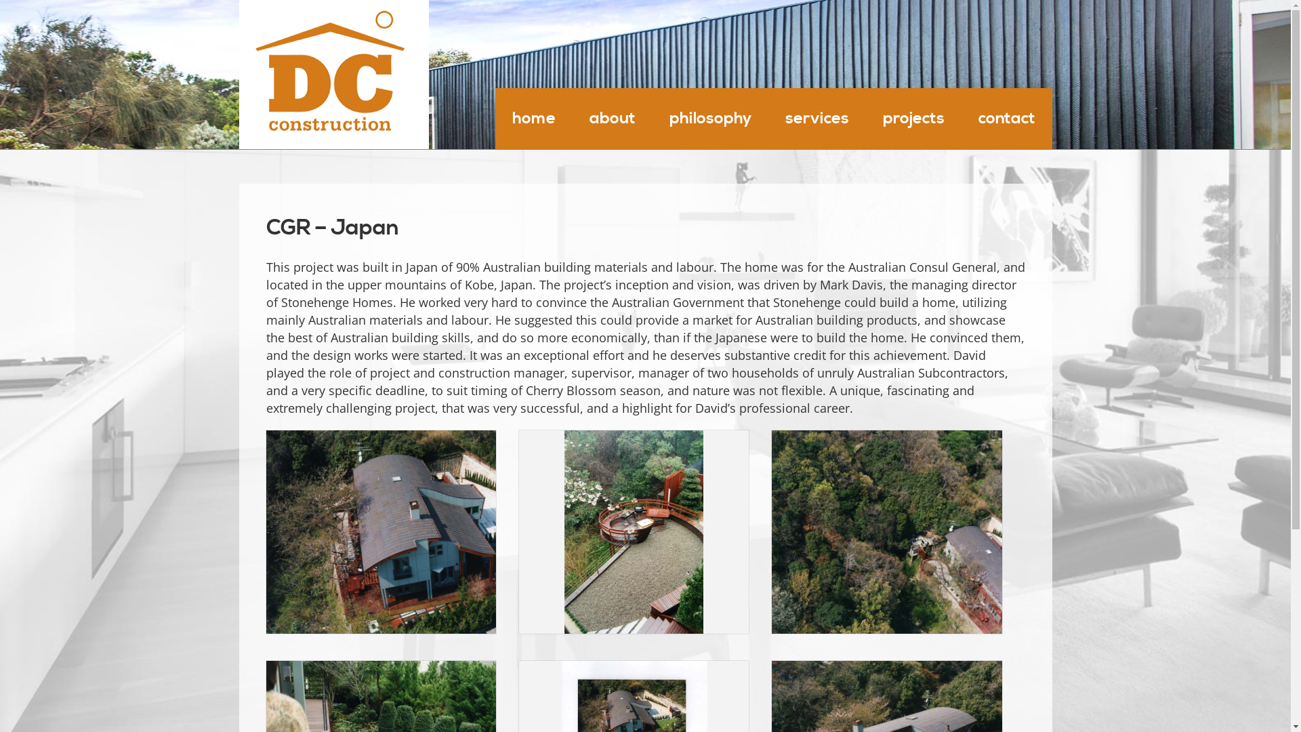 This screenshot has height=732, width=1301. What do you see at coordinates (1006, 117) in the screenshot?
I see `'contact'` at bounding box center [1006, 117].